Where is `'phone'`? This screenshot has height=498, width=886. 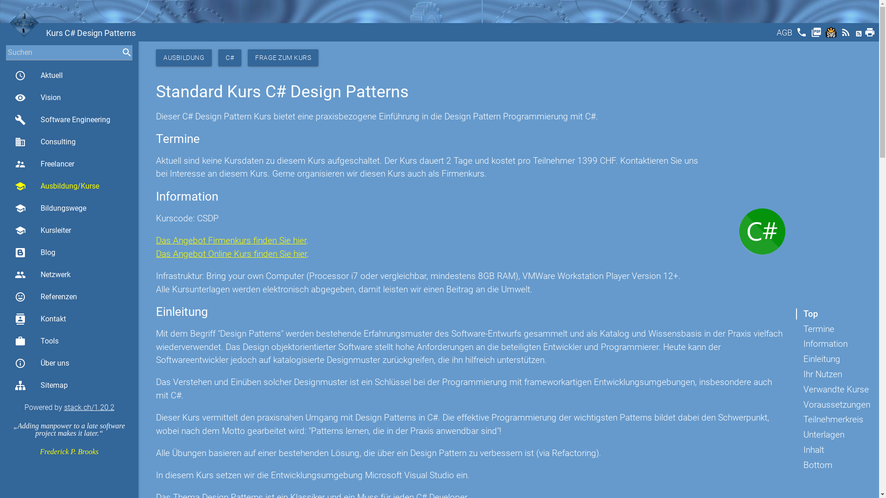
'phone' is located at coordinates (802, 35).